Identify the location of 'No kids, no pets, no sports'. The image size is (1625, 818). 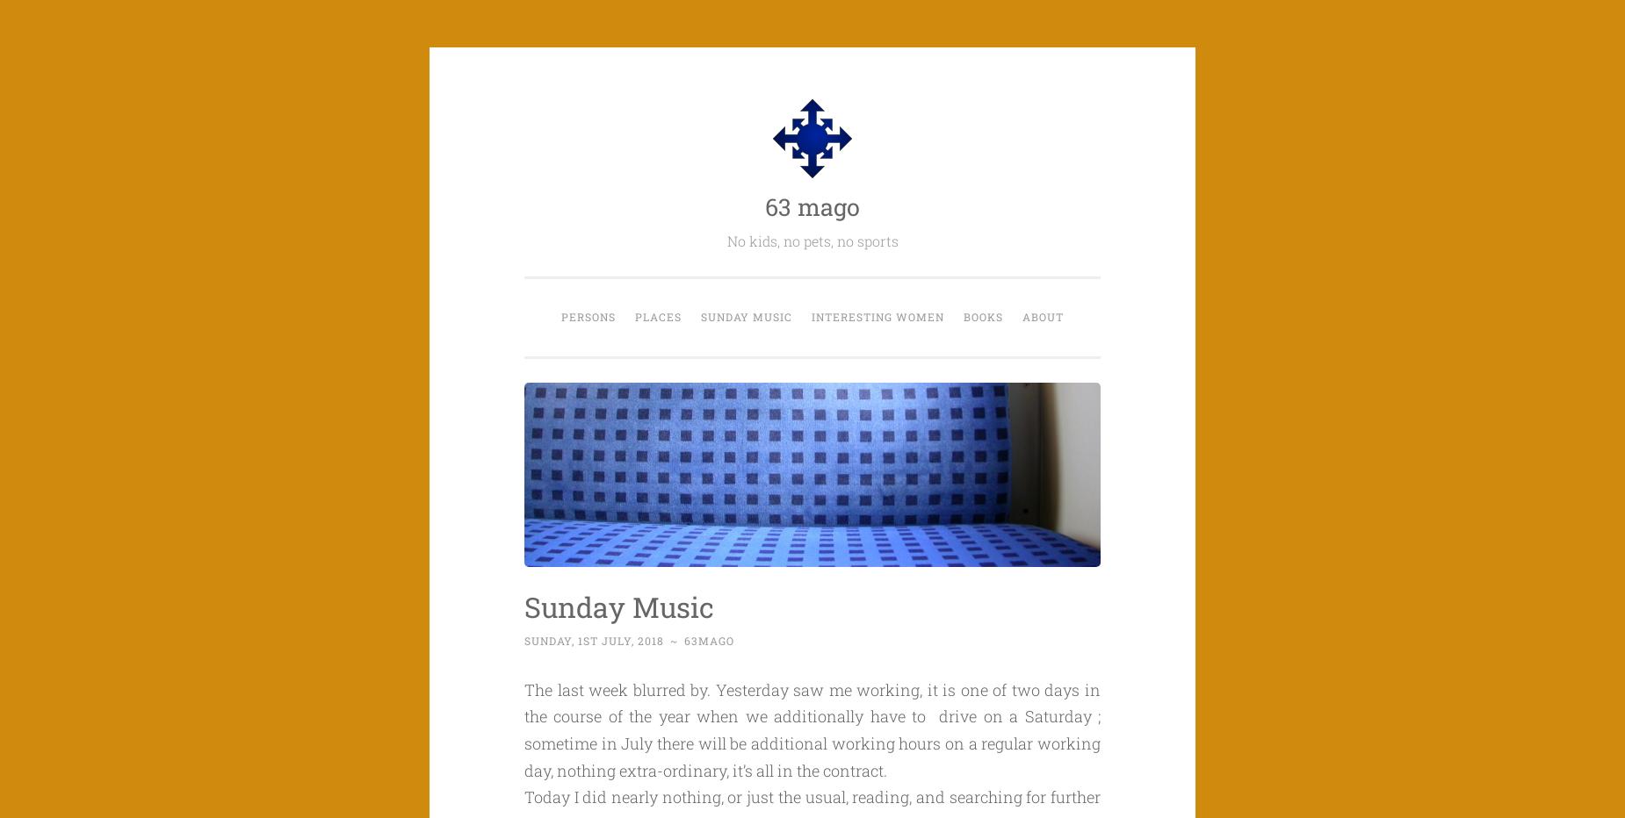
(812, 240).